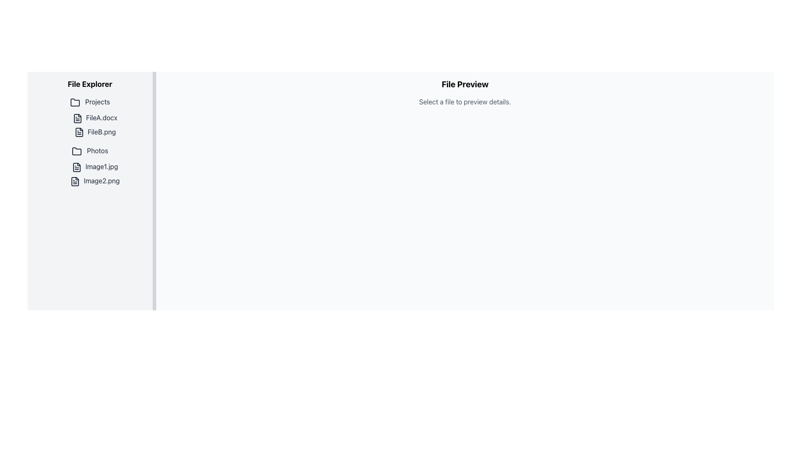 Image resolution: width=802 pixels, height=451 pixels. What do you see at coordinates (75, 181) in the screenshot?
I see `the graphical icon representing the image file 'Image2.png' in the file explorer` at bounding box center [75, 181].